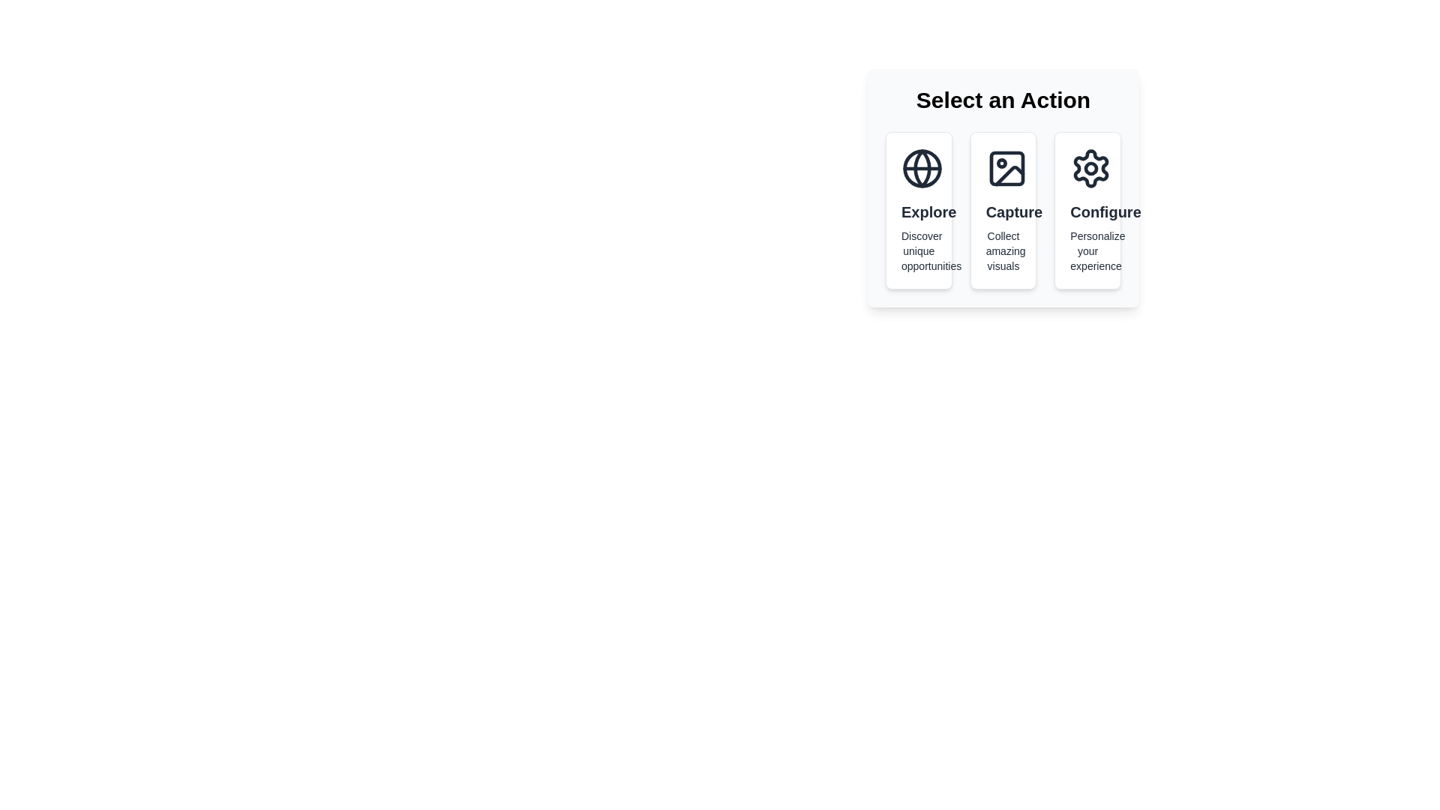 The width and height of the screenshot is (1440, 810). I want to click on the visual representation of the SVG Icon located in the 'Capture' option card at the center of the 'Select an Action' section, so click(1006, 168).